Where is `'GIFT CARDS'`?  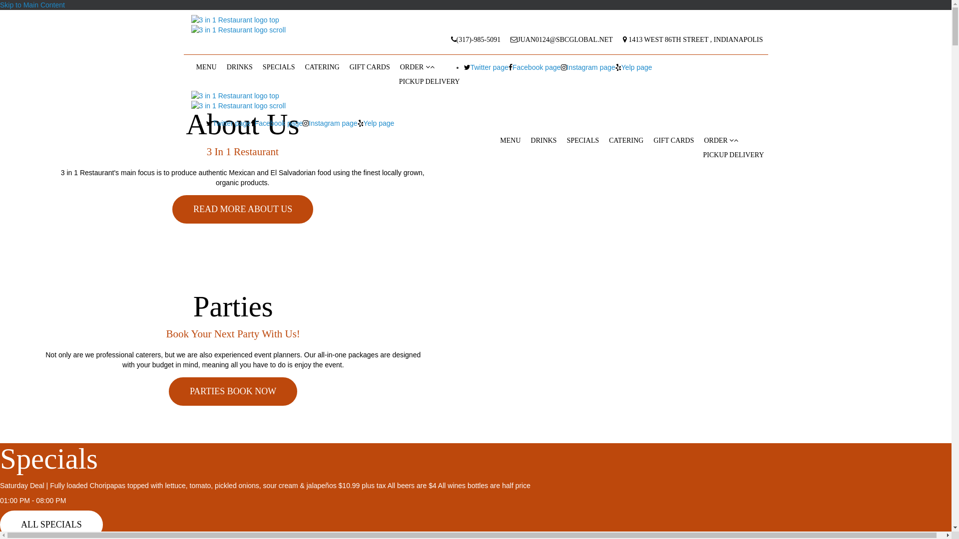
'GIFT CARDS' is located at coordinates (673, 140).